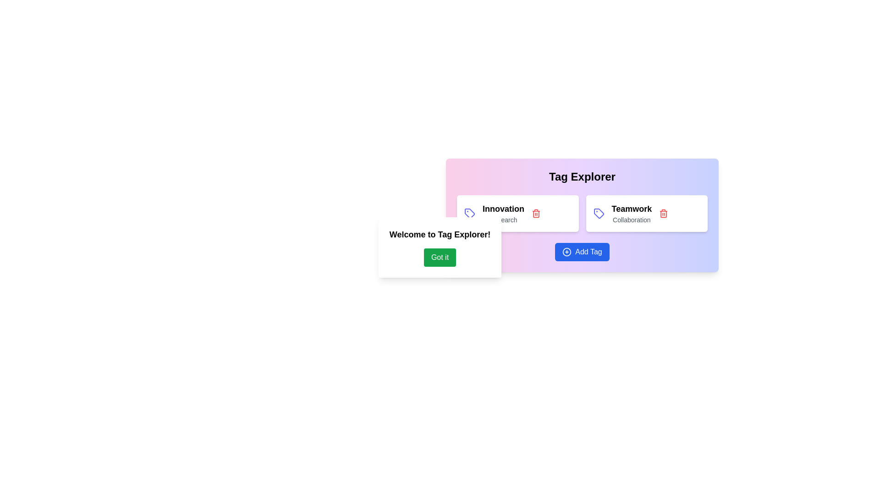 This screenshot has height=495, width=880. Describe the element at coordinates (599, 214) in the screenshot. I see `the indigo tag-shaped icon located to the left of the text 'Collaboration' under the 'Teamwork' title` at that location.